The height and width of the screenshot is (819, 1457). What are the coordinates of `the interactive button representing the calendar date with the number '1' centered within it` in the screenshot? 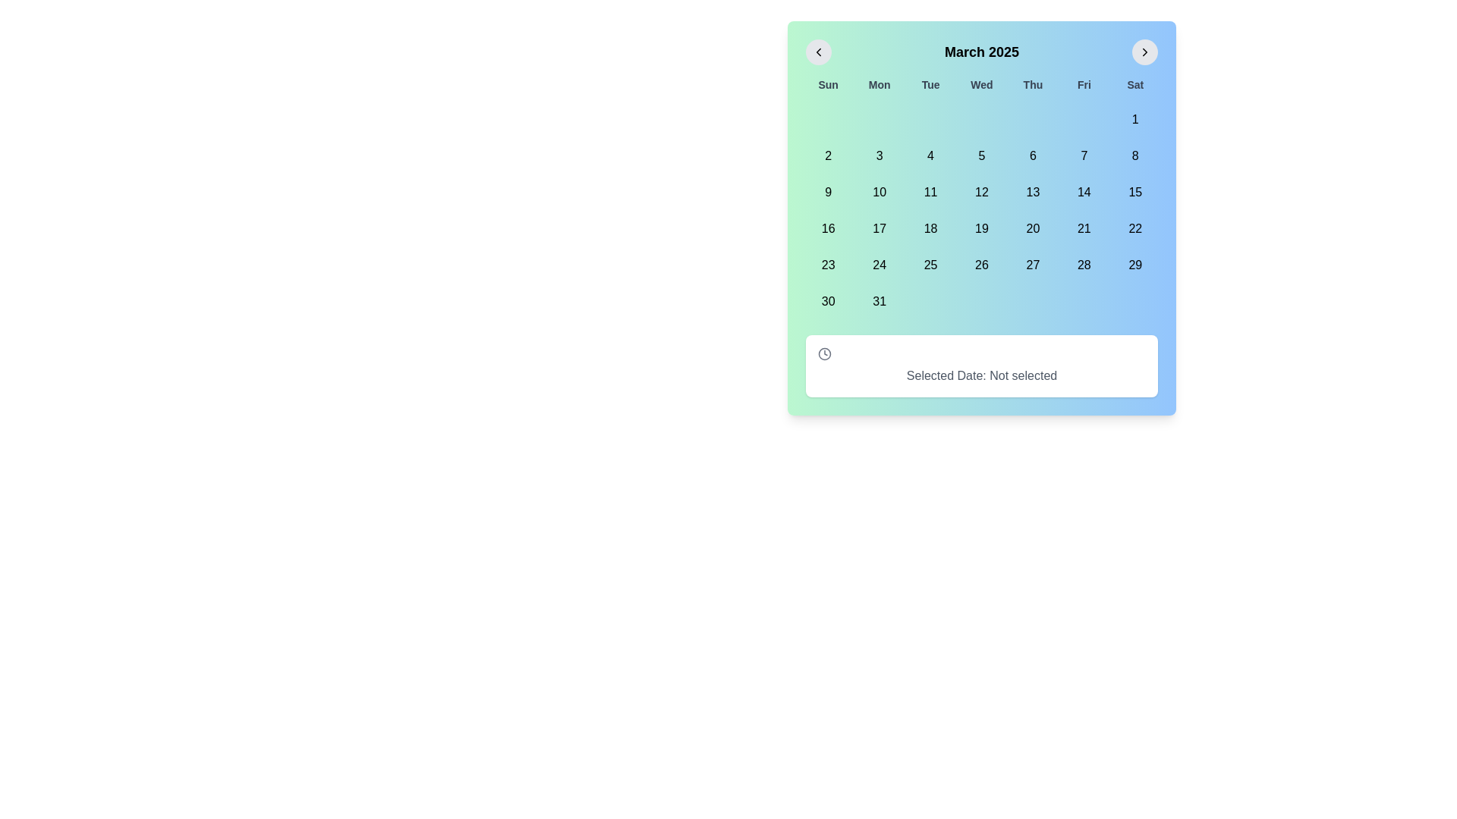 It's located at (1135, 119).